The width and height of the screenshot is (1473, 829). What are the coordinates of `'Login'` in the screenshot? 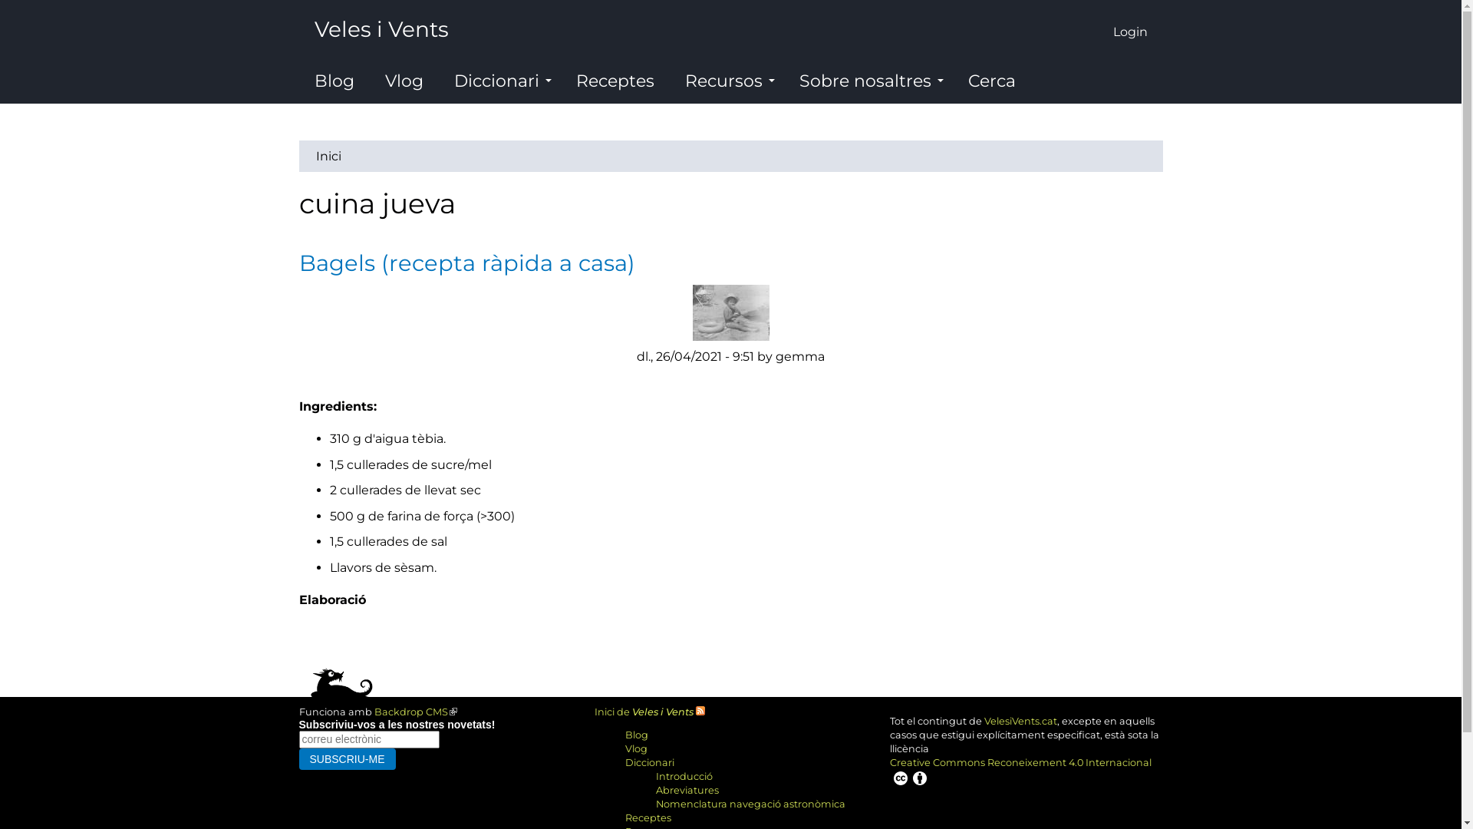 It's located at (1129, 26).